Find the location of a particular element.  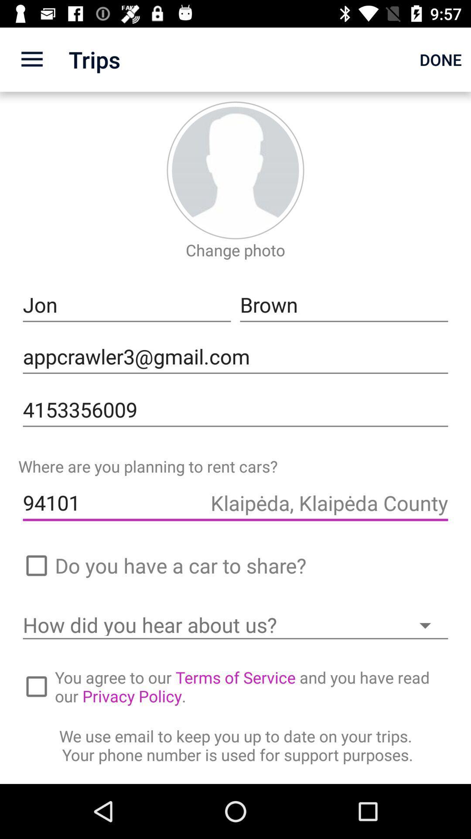

the item above jon item is located at coordinates (31, 59).